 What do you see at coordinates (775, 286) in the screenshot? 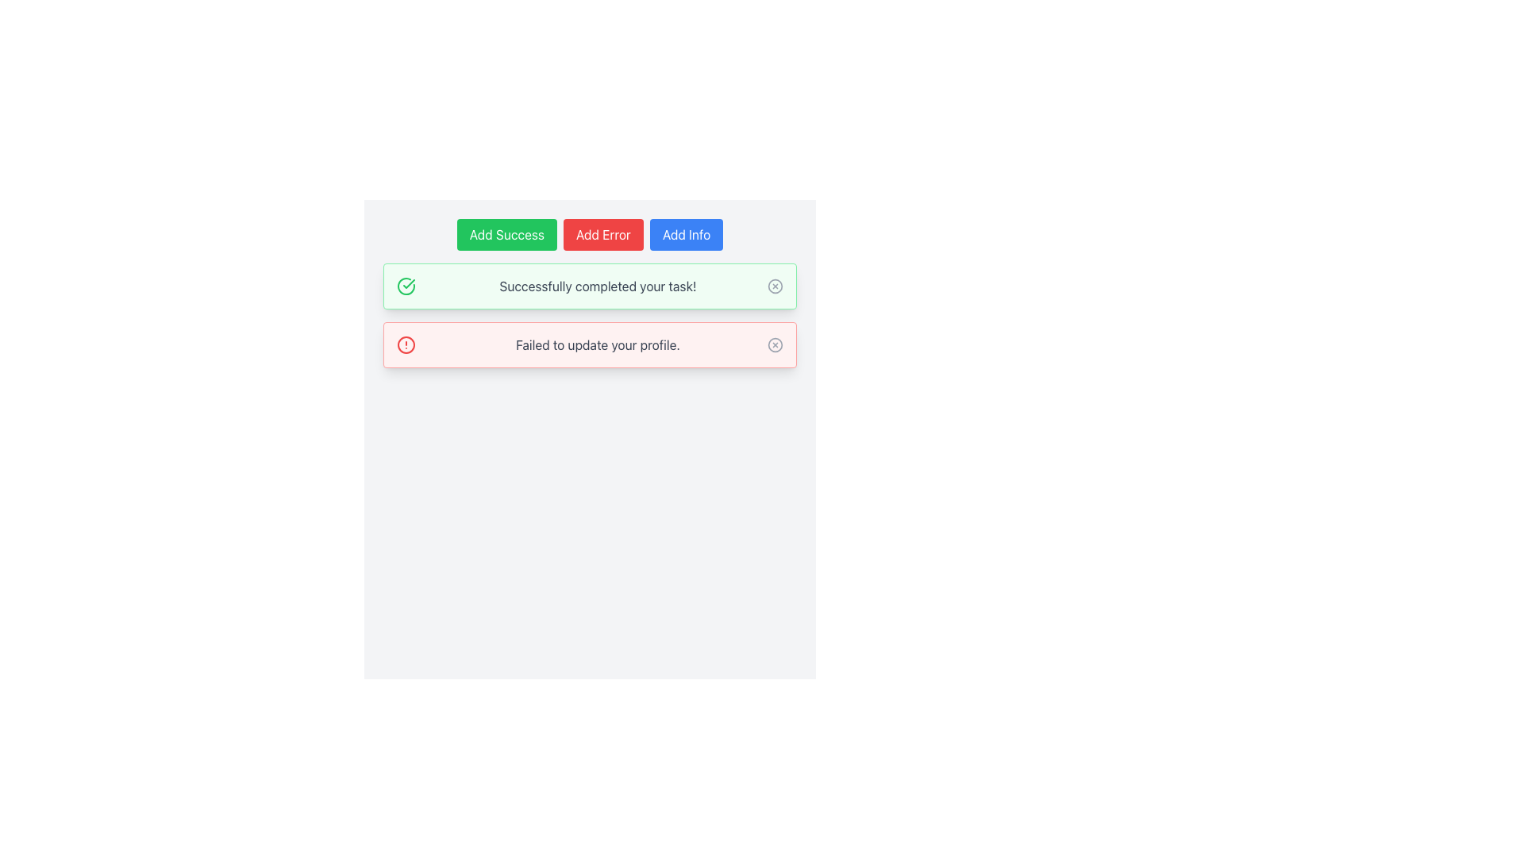
I see `the SVG graphical element that visually represents a close or dismiss action within the 'Successfully completed your task!' green notification component box, located on the right side and aligned horizontally to the middle of the box` at bounding box center [775, 286].